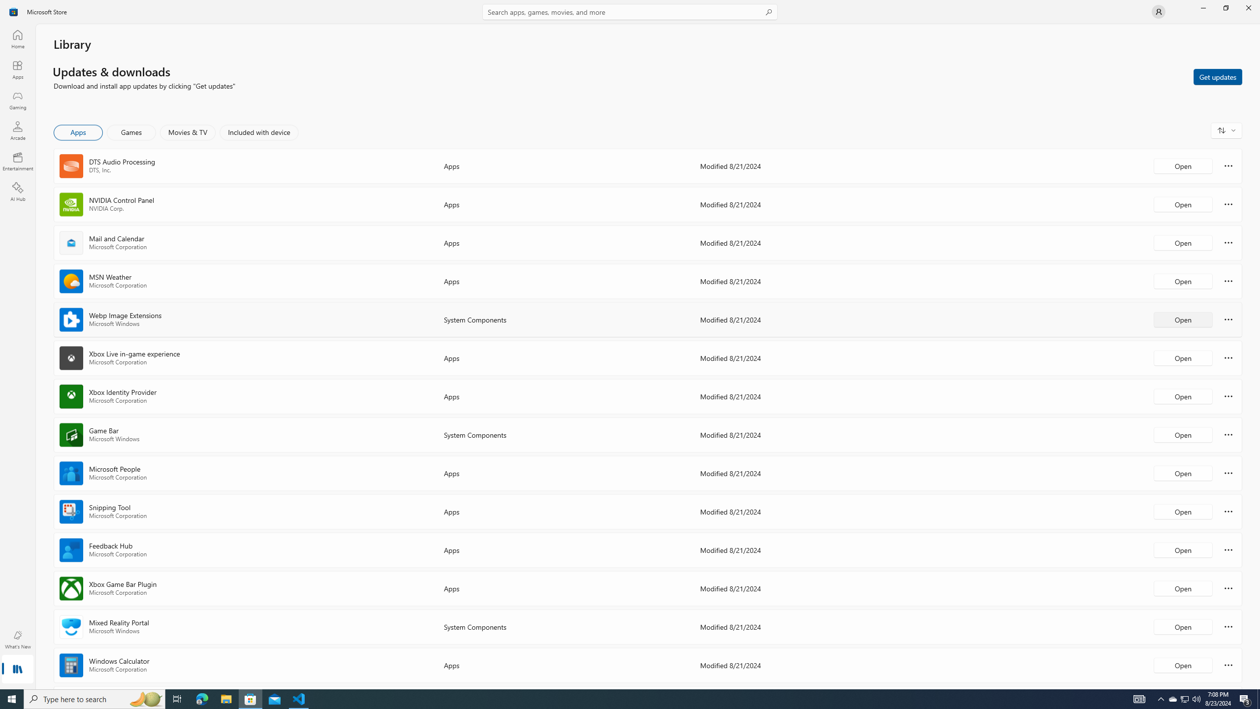  Describe the element at coordinates (258, 132) in the screenshot. I see `'Included with device'` at that location.